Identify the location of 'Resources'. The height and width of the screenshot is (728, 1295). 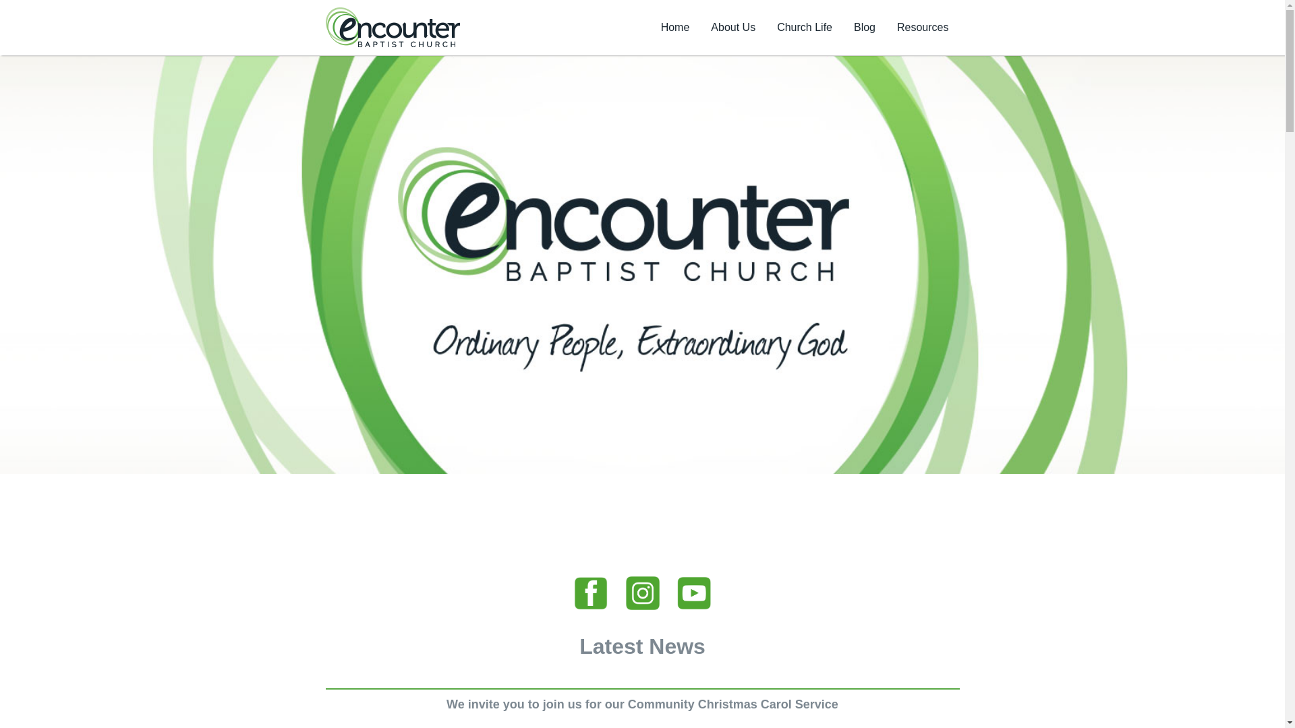
(886, 28).